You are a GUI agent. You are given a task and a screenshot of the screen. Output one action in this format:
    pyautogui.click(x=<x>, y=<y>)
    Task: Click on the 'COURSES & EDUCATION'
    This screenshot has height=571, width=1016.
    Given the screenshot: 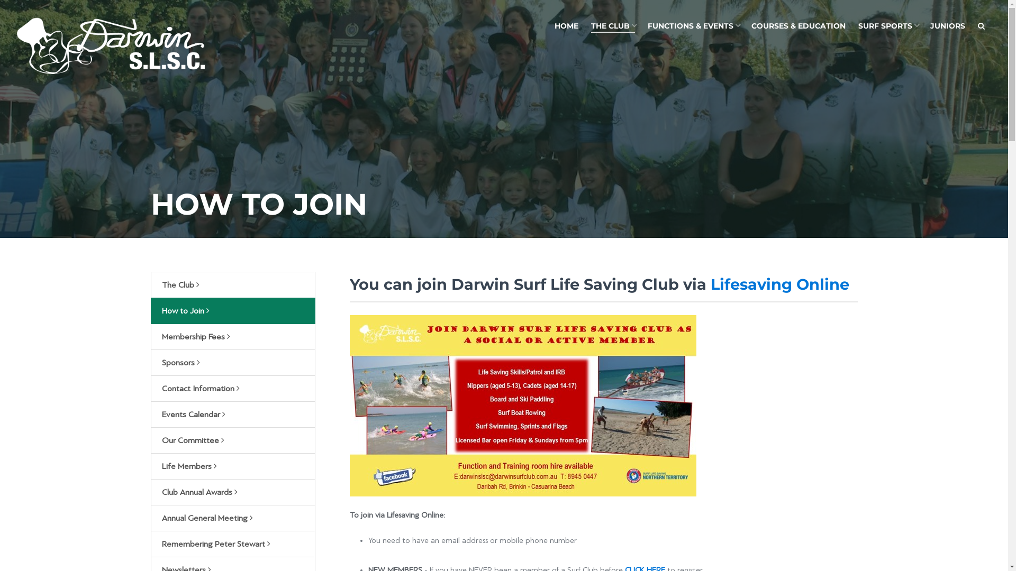 What is the action you would take?
    pyautogui.click(x=798, y=25)
    